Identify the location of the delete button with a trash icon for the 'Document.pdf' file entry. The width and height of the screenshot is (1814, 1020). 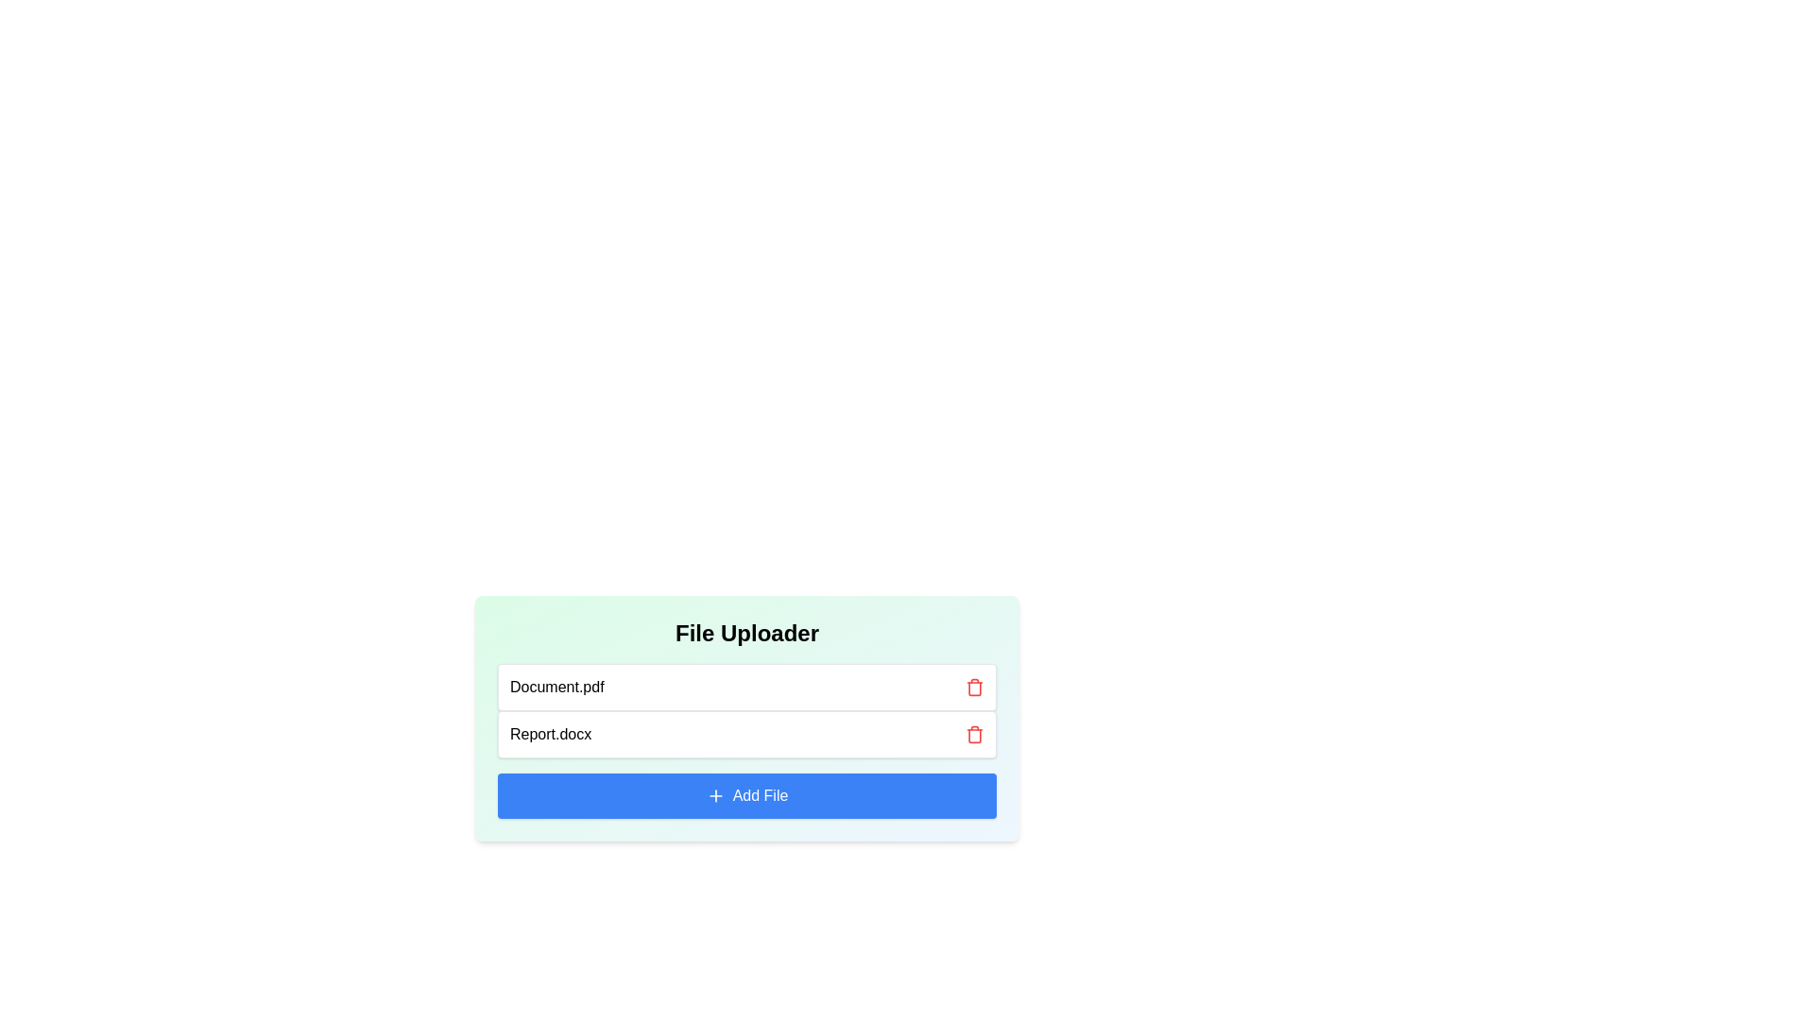
(975, 688).